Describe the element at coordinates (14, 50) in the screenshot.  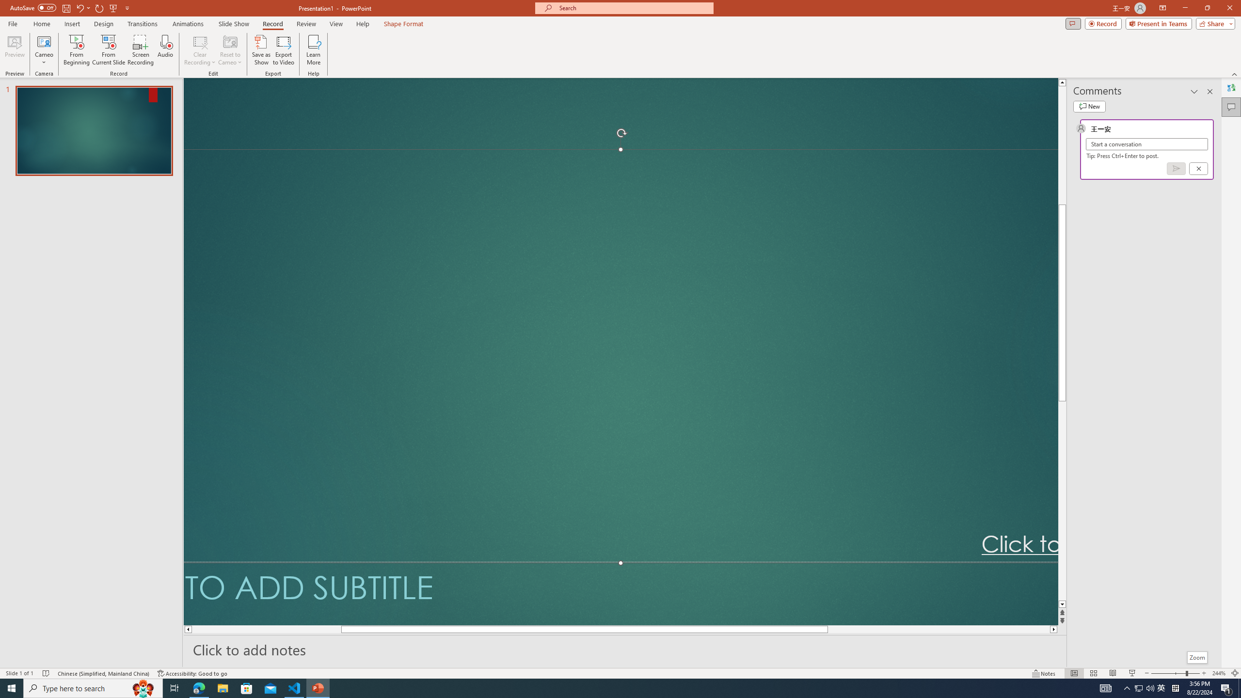
I see `'Preview'` at that location.